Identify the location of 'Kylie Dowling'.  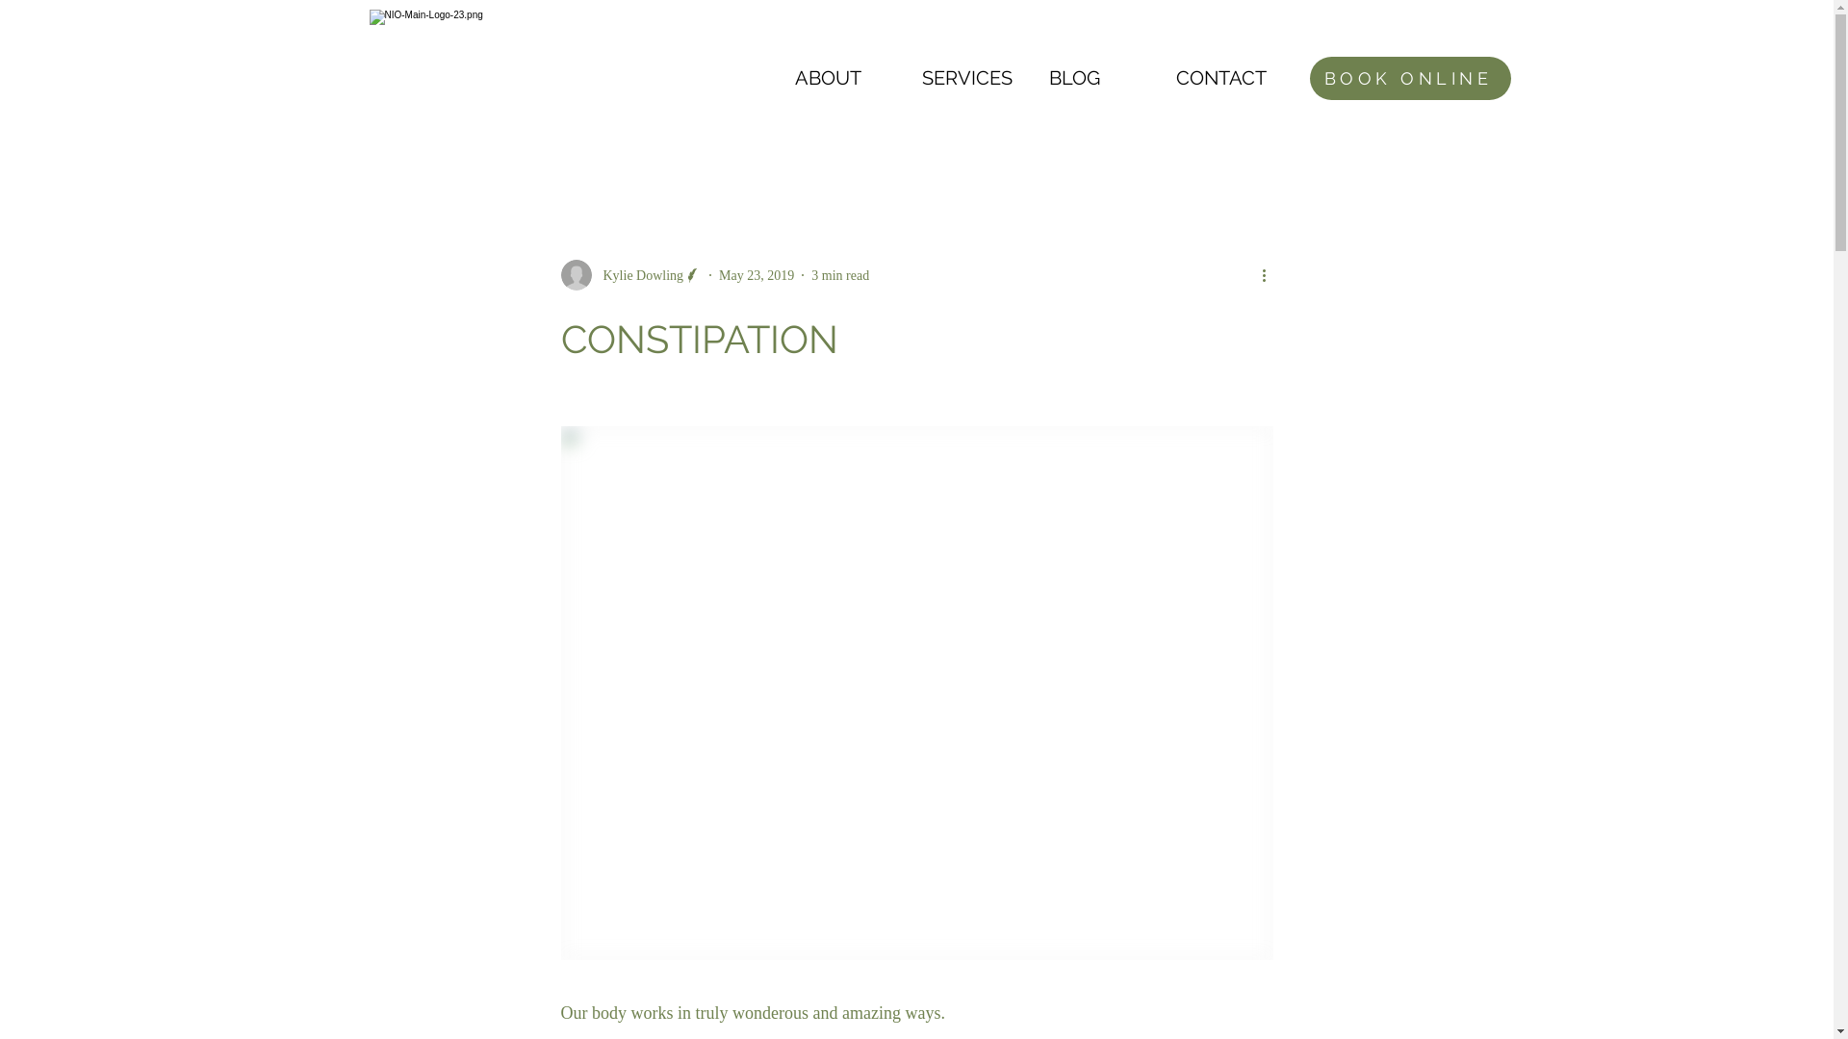
(630, 274).